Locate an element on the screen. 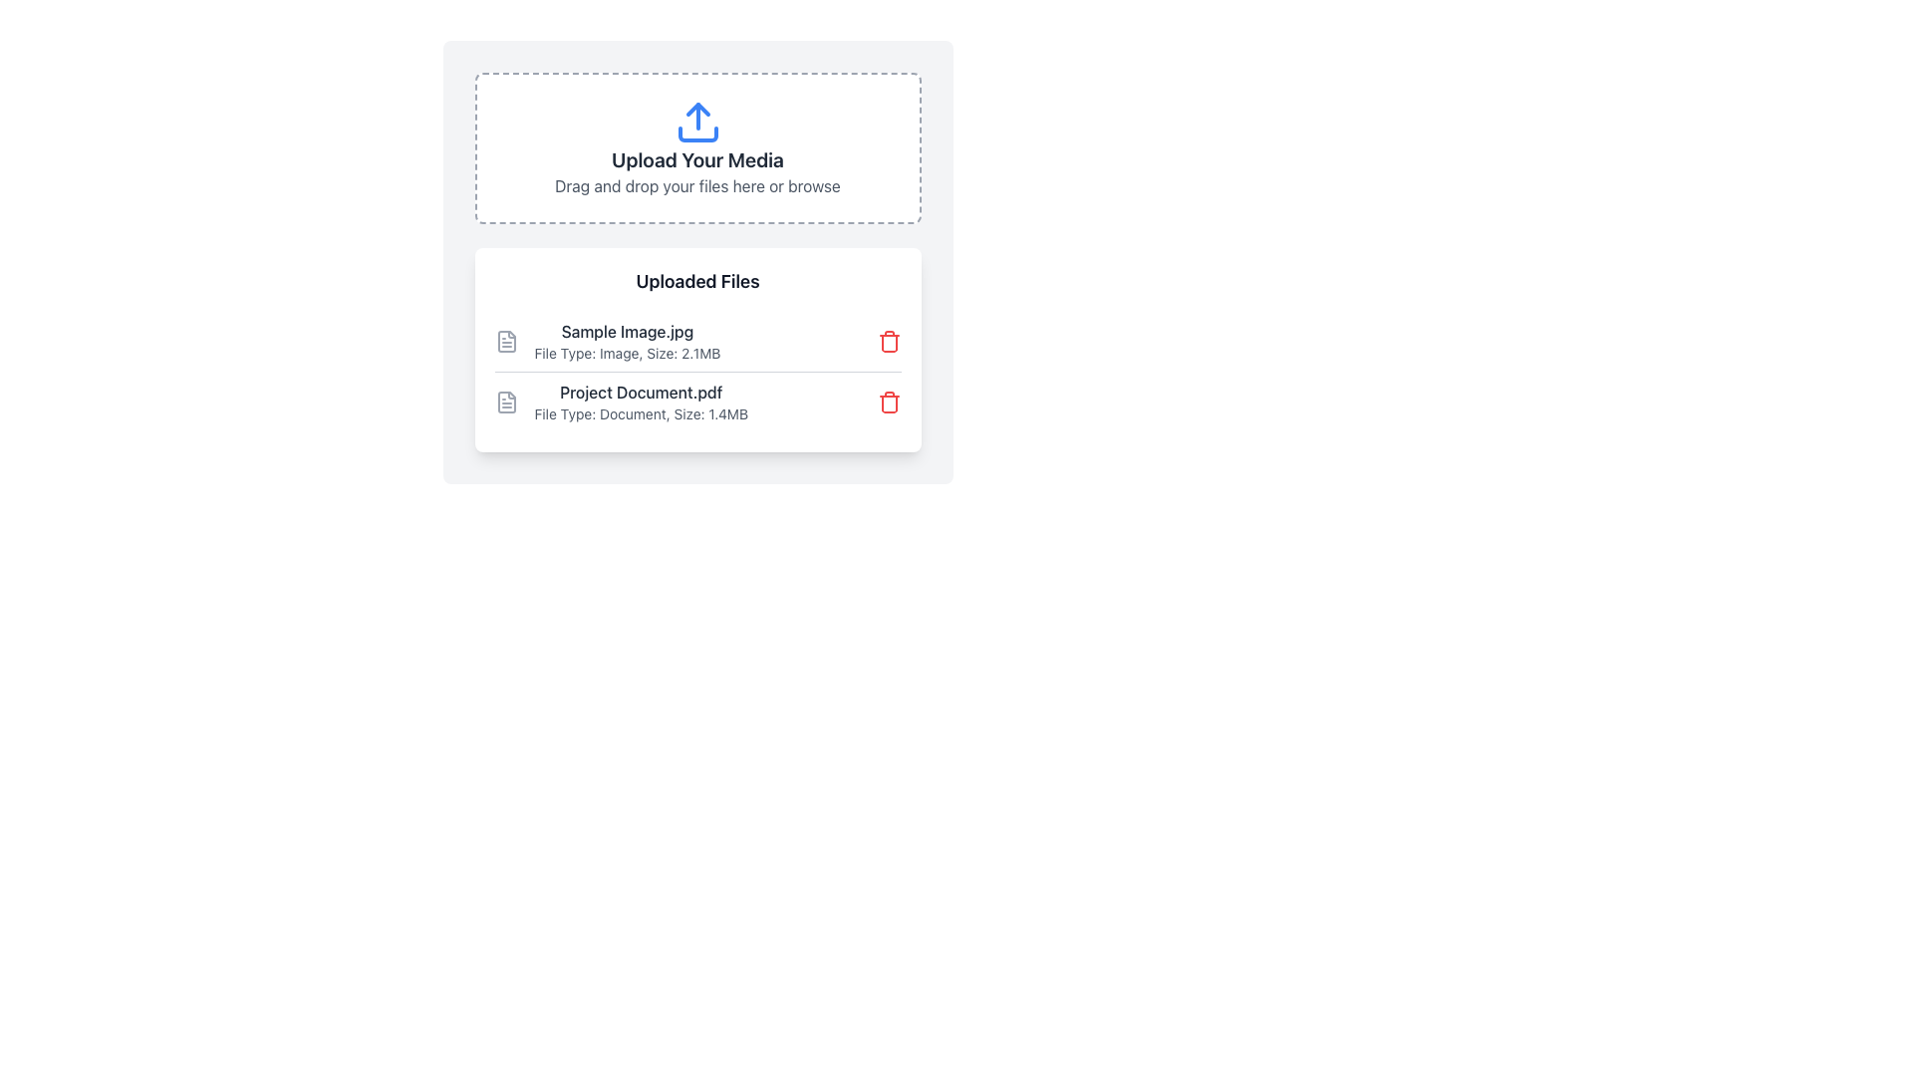 Image resolution: width=1913 pixels, height=1076 pixels. text label displaying the file's name, type, and size, which is the first entry in the 'Uploaded Files' section, located above 'Project Document.pdf.' is located at coordinates (626, 341).